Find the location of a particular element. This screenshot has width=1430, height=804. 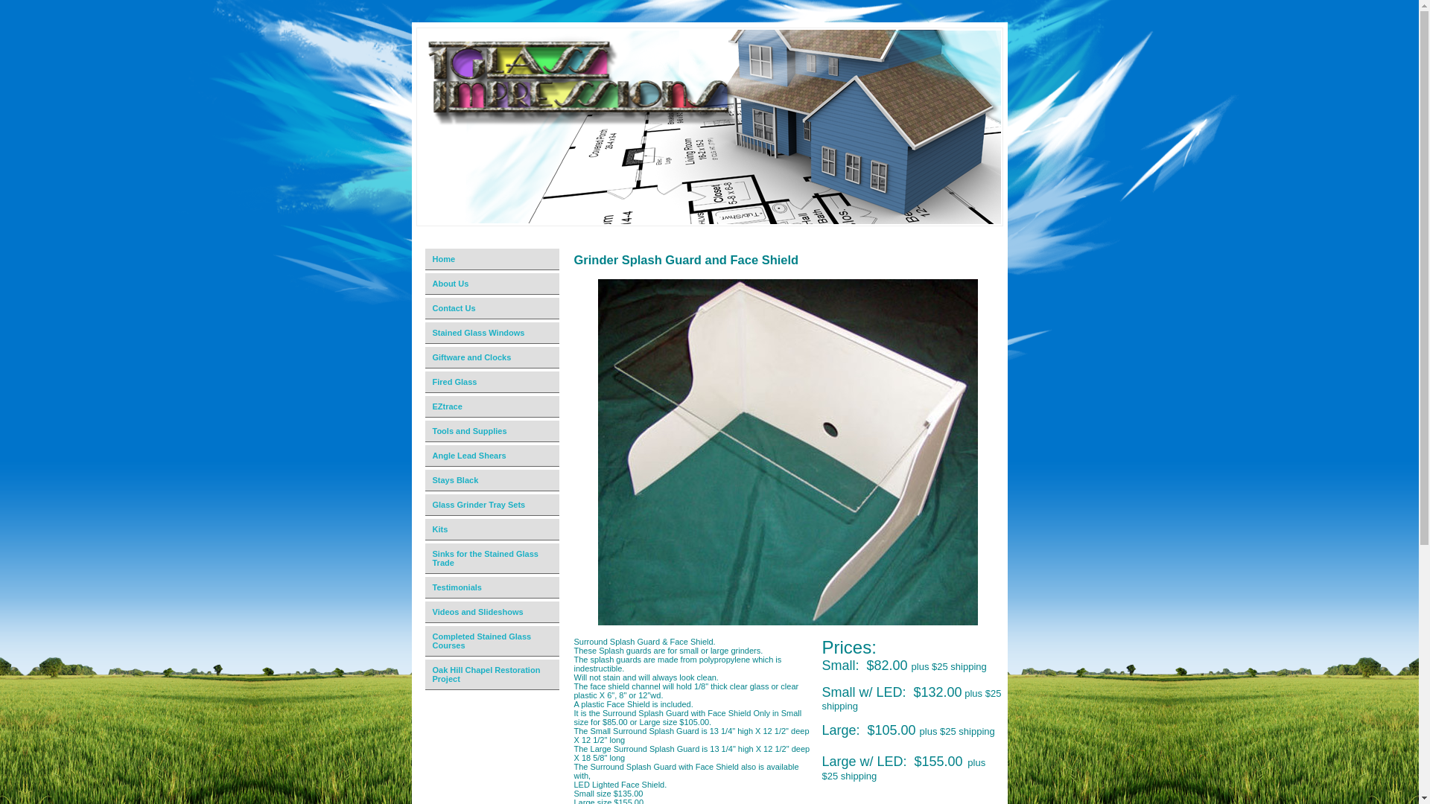

'Fired Glass' is located at coordinates (493, 381).